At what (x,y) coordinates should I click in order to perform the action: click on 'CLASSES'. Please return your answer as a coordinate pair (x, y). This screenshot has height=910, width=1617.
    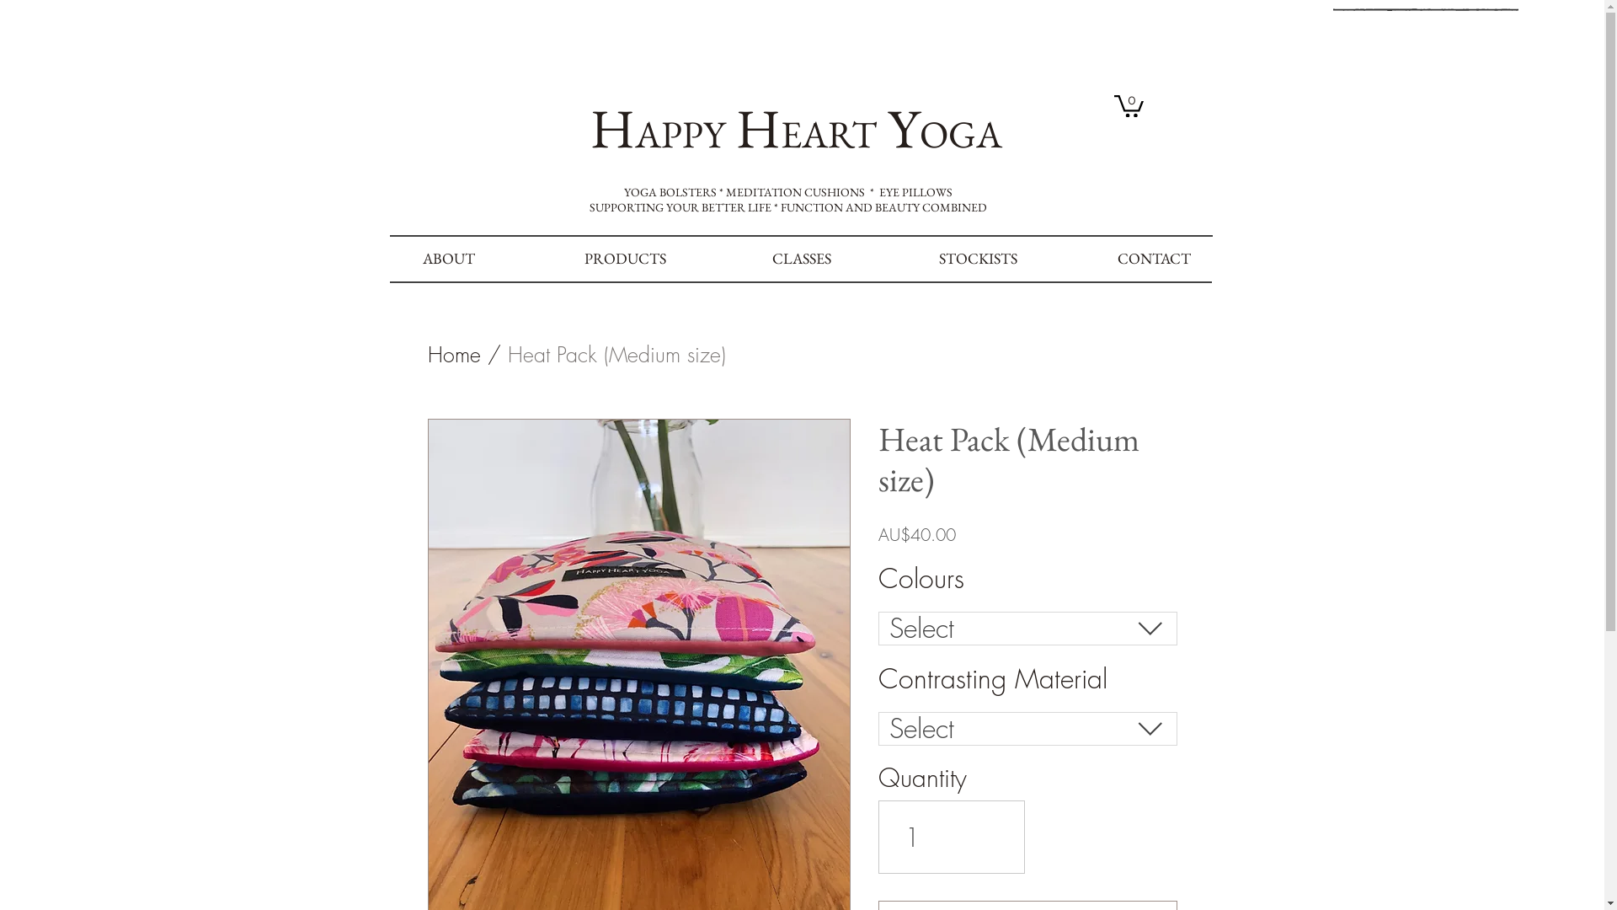
    Looking at the image, I should click on (801, 259).